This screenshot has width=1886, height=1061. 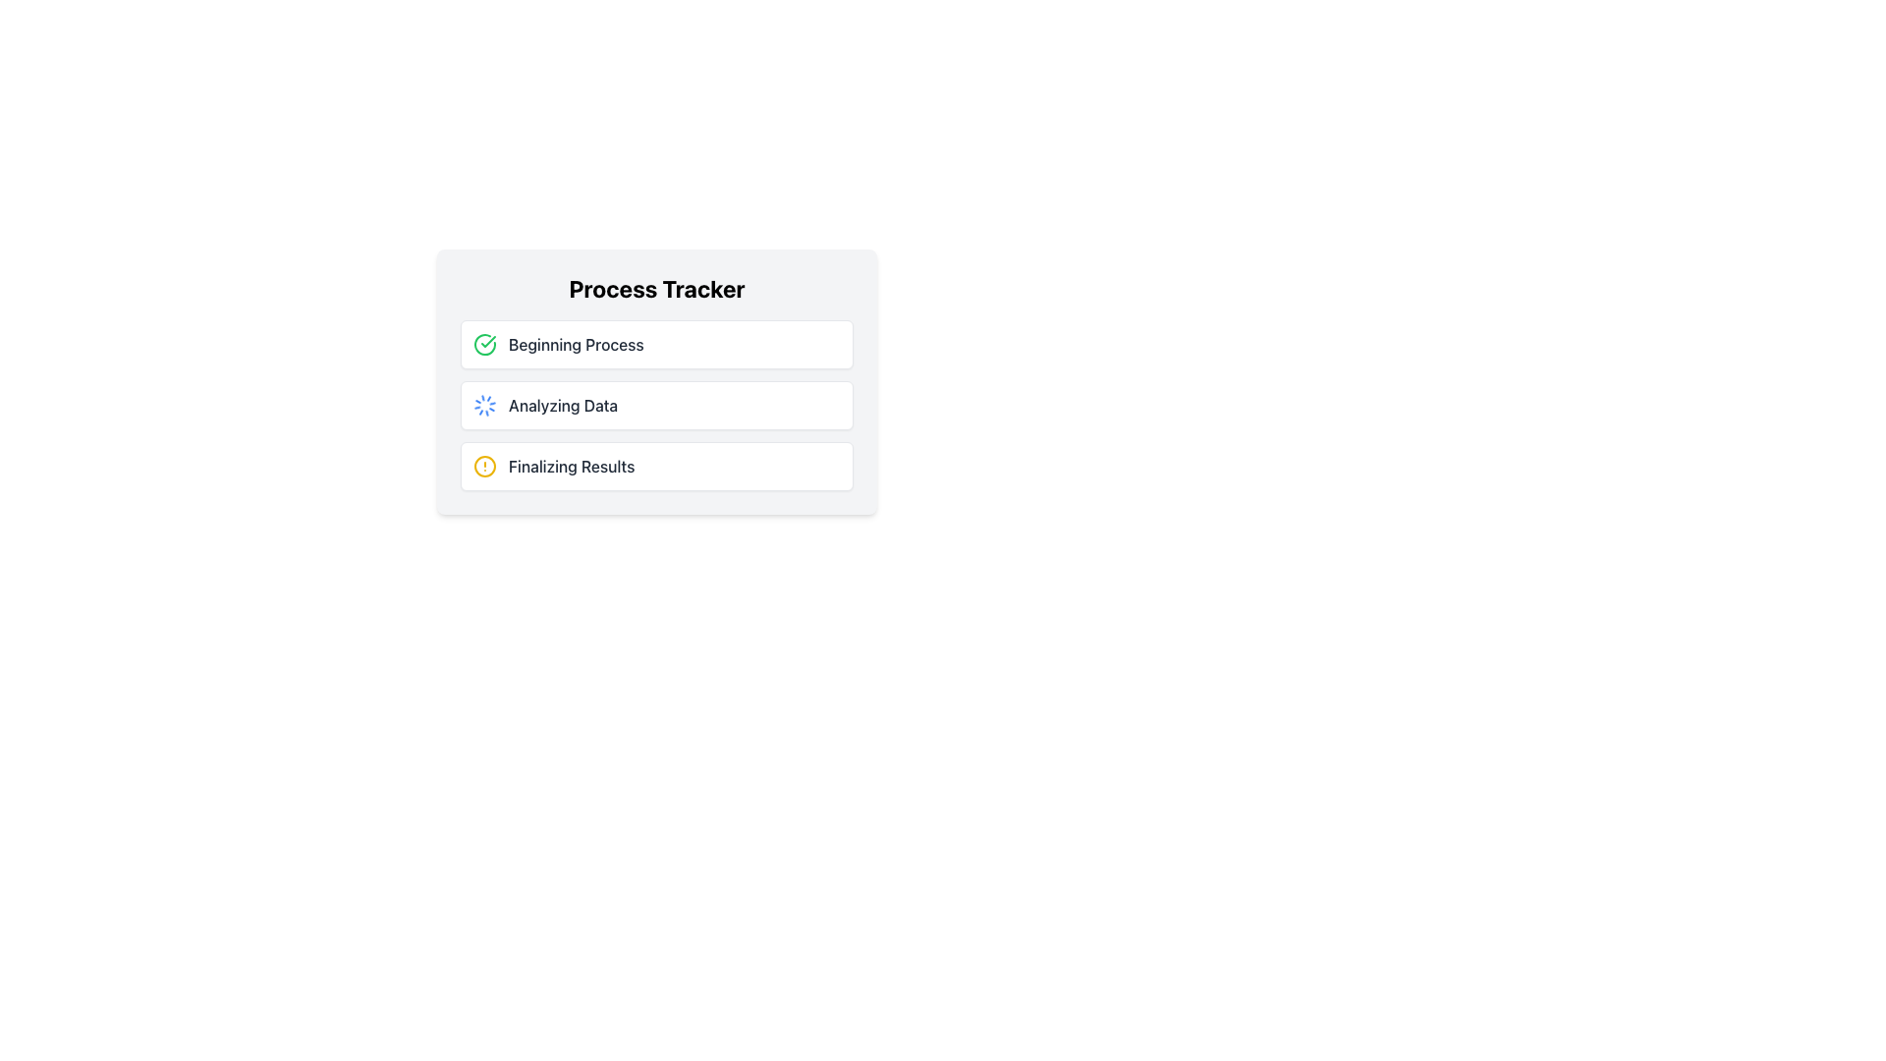 What do you see at coordinates (656, 404) in the screenshot?
I see `the Status Indicator labeled 'Analyzing Data' in the Process Tracker, which is the second item in the list of three` at bounding box center [656, 404].